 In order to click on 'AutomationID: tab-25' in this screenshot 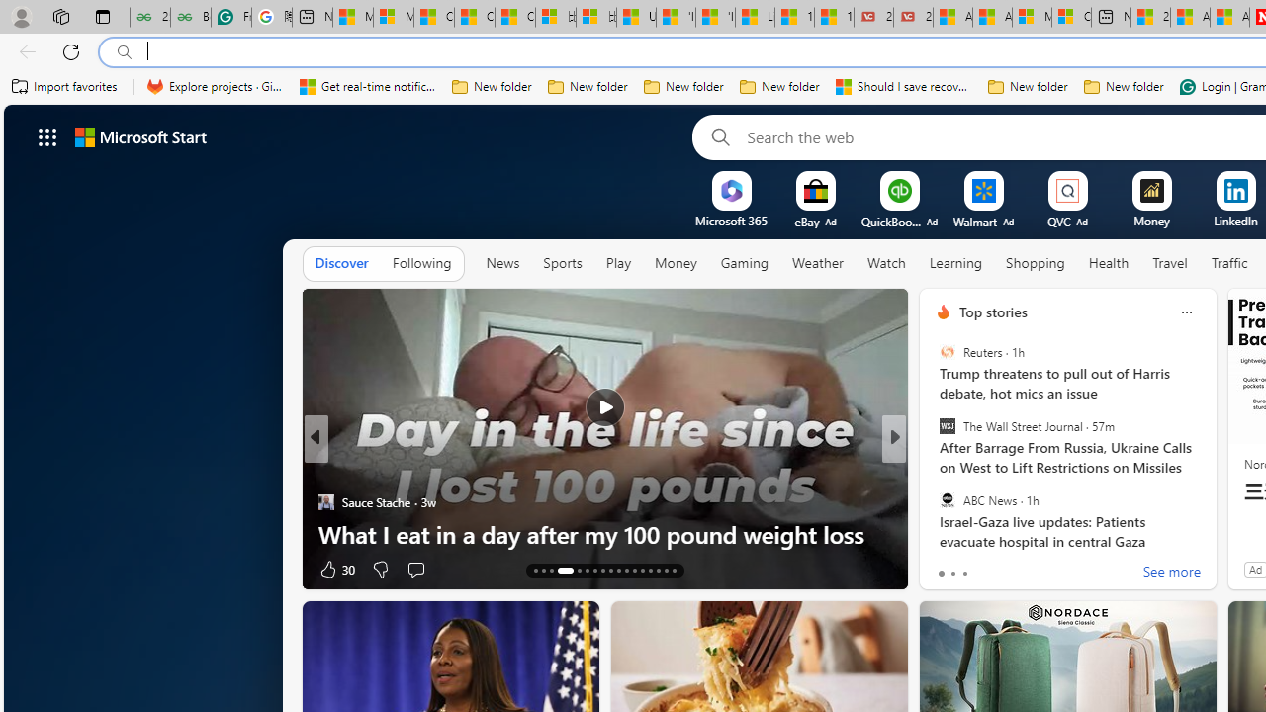, I will do `click(642, 571)`.